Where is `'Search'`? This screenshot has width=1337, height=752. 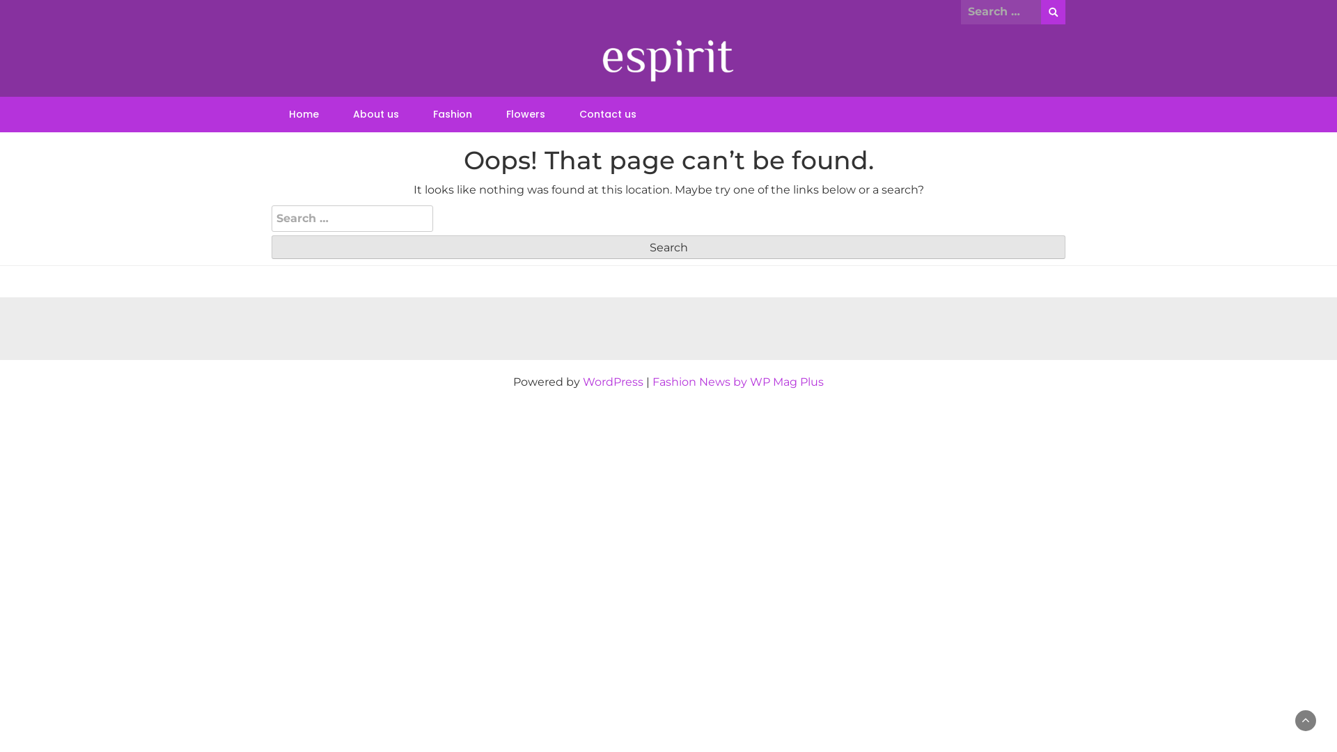
'Search' is located at coordinates (1053, 12).